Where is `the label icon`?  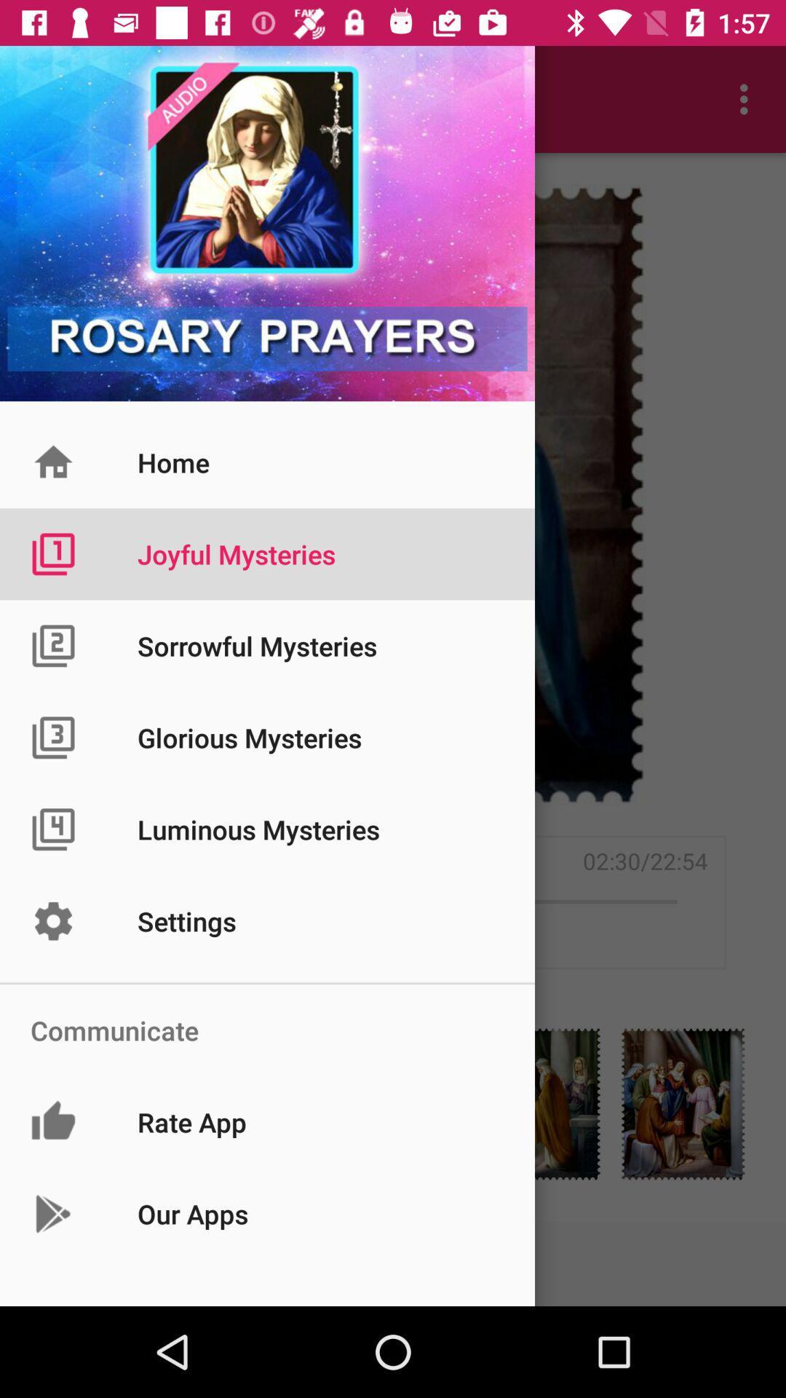
the label icon is located at coordinates (102, 1104).